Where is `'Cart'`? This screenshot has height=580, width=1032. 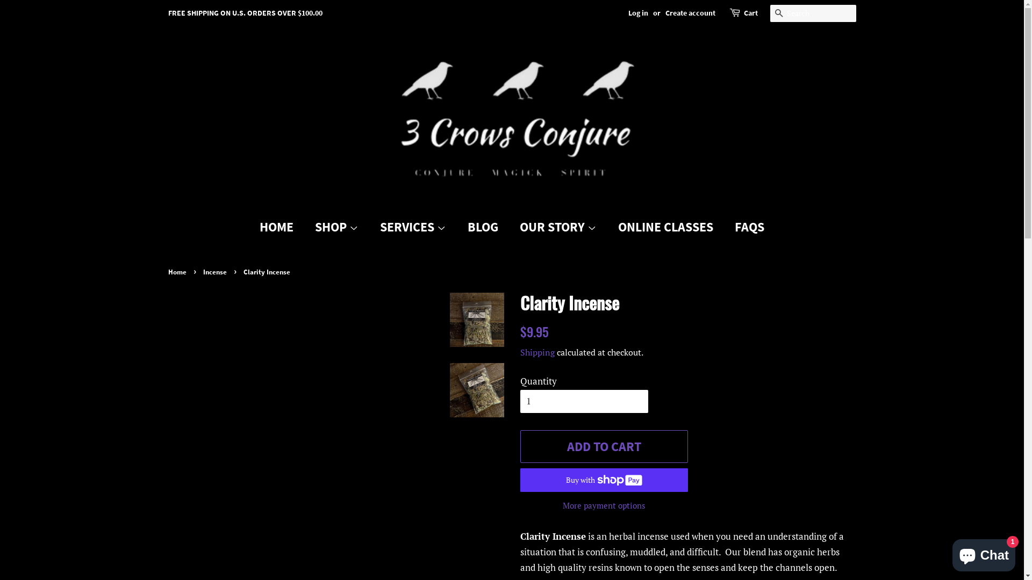
'Cart' is located at coordinates (750, 13).